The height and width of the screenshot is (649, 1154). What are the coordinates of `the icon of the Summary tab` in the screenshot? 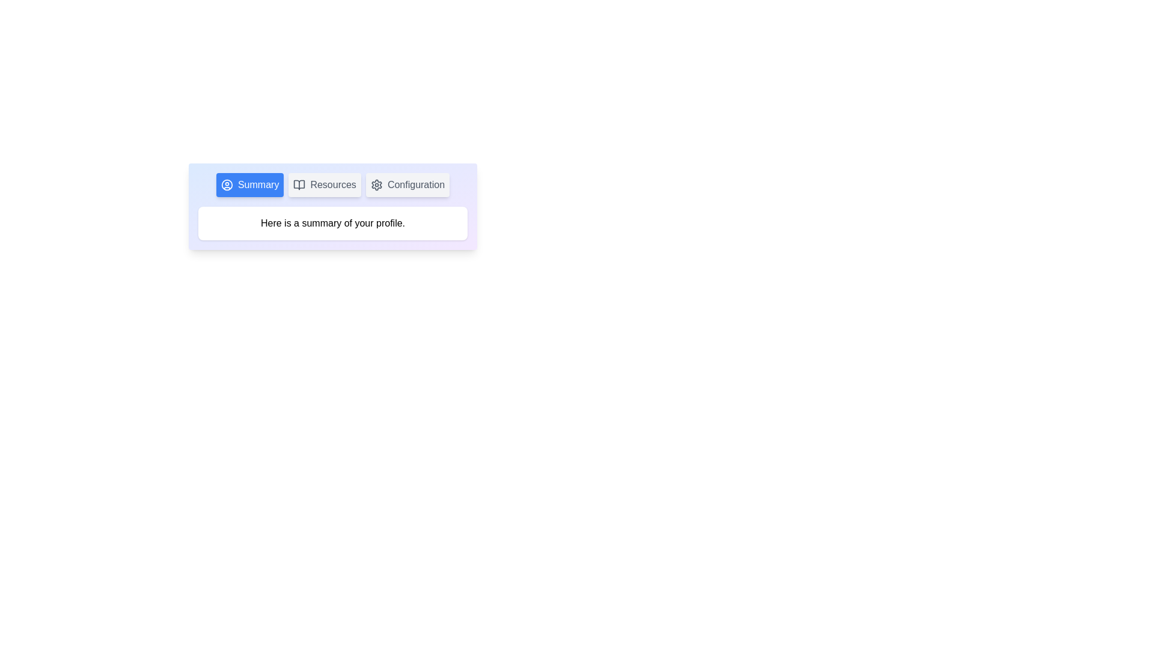 It's located at (227, 185).